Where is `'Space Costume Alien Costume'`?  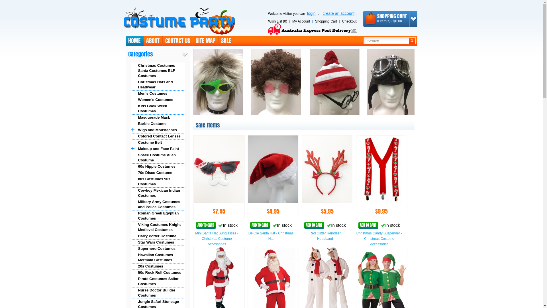
'Space Costume Alien Costume' is located at coordinates (158, 157).